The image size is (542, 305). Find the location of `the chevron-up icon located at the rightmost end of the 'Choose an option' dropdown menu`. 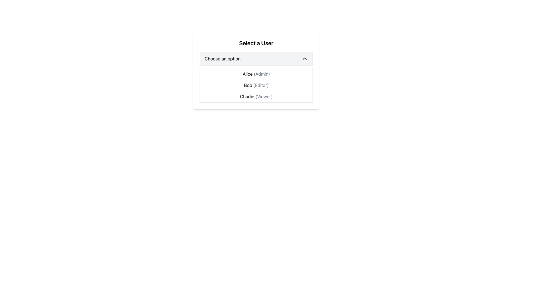

the chevron-up icon located at the rightmost end of the 'Choose an option' dropdown menu is located at coordinates (304, 59).